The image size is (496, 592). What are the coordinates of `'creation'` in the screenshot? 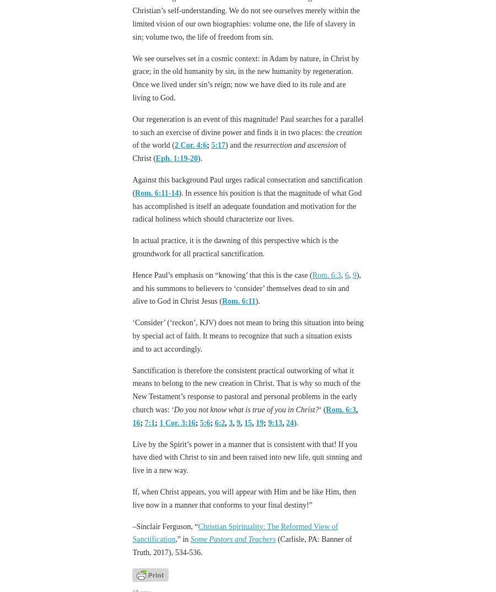 It's located at (348, 131).